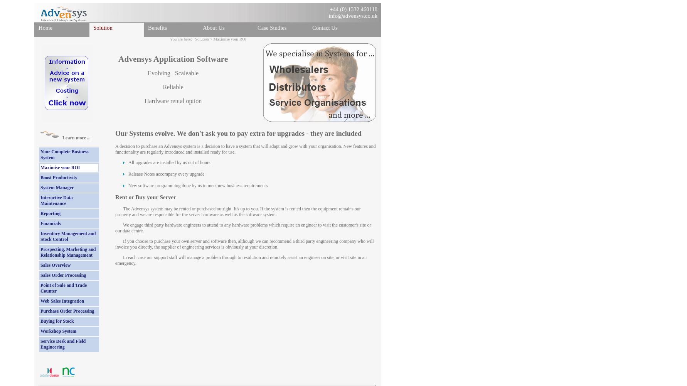  Describe the element at coordinates (241, 260) in the screenshot. I see `'In each case our support staff will manage a problem through to resolution and remotely 
      assist an engineer on site, or visit site in an emergency.'` at that location.